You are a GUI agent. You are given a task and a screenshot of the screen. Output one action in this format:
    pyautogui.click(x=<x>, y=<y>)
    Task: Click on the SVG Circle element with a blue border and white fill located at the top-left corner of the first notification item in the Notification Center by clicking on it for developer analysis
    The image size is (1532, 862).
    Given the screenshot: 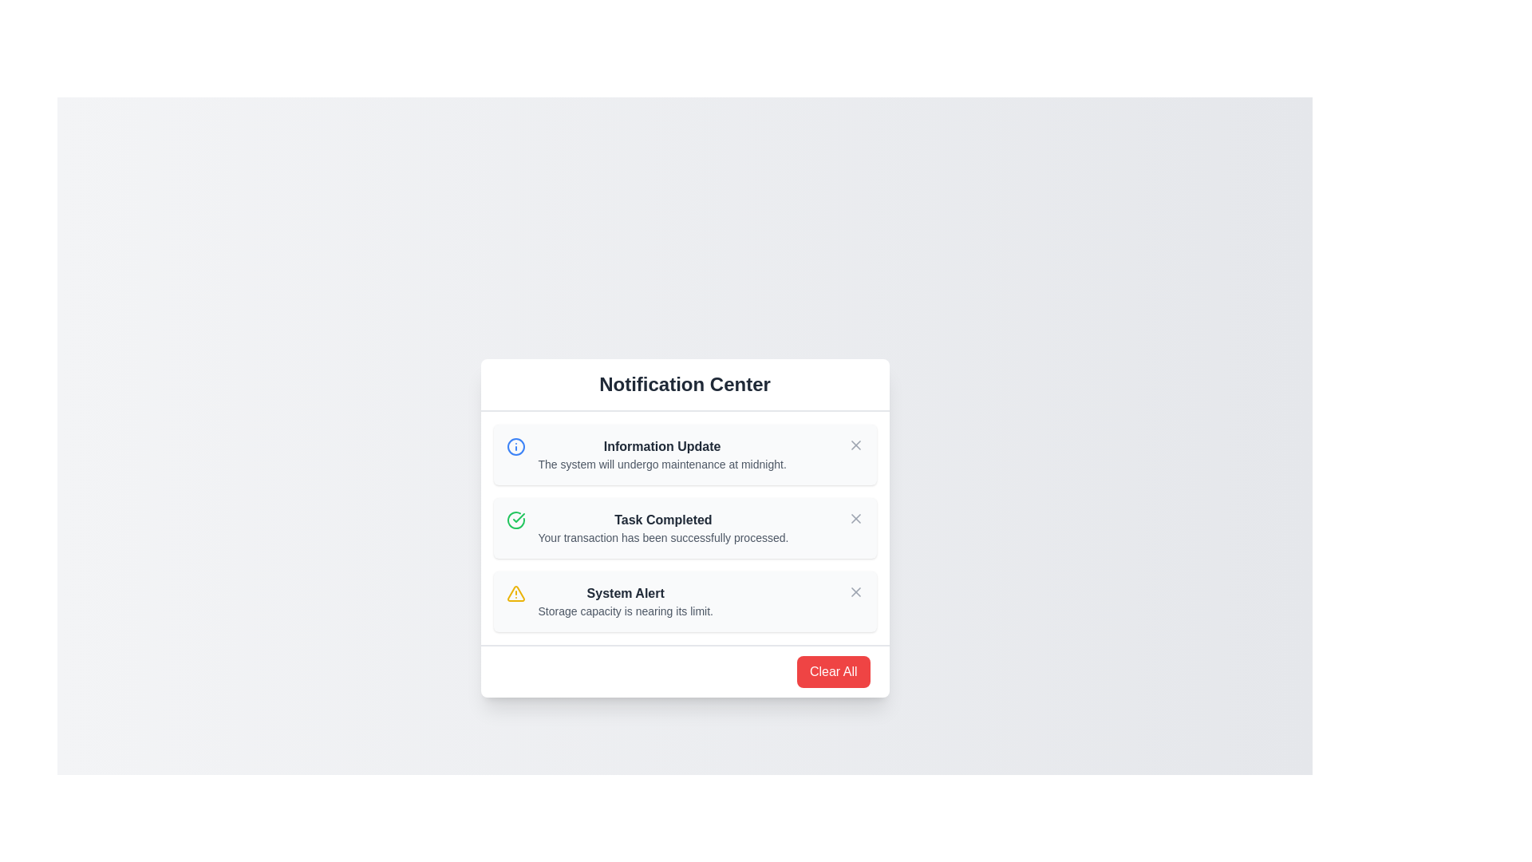 What is the action you would take?
    pyautogui.click(x=515, y=446)
    